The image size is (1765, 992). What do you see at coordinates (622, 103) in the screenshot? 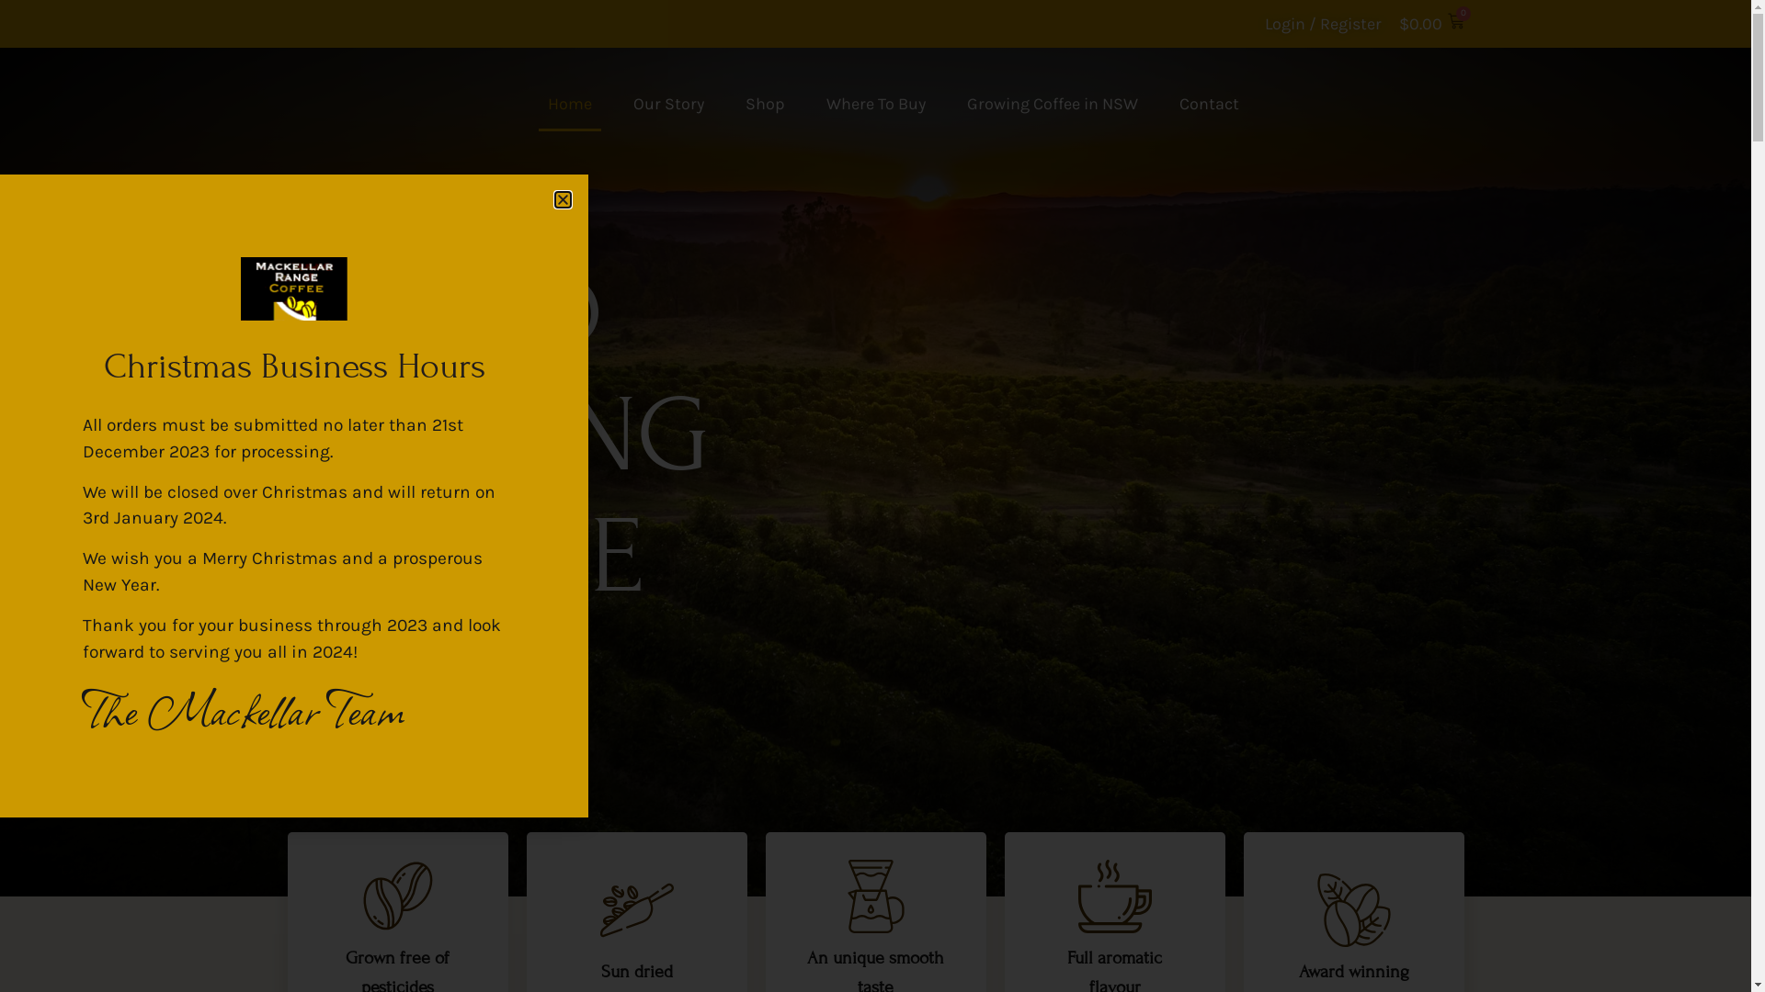
I see `'Our Story'` at bounding box center [622, 103].